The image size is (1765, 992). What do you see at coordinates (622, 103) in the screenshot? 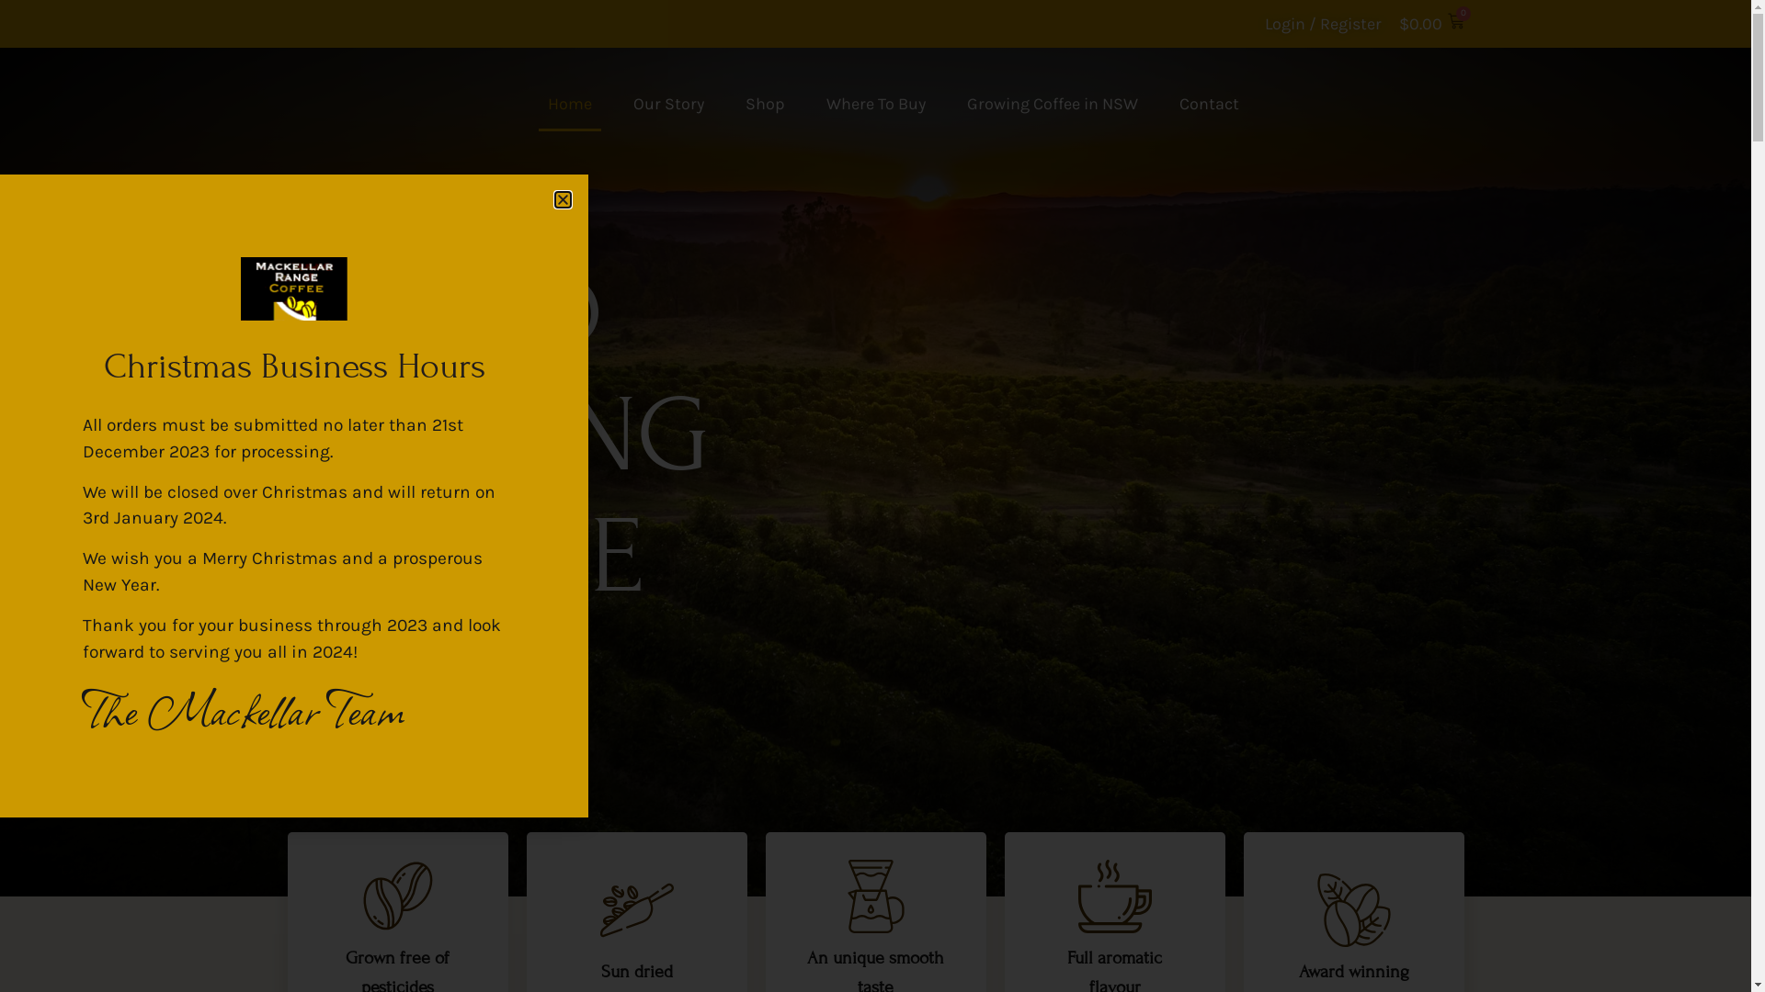
I see `'Our Story'` at bounding box center [622, 103].